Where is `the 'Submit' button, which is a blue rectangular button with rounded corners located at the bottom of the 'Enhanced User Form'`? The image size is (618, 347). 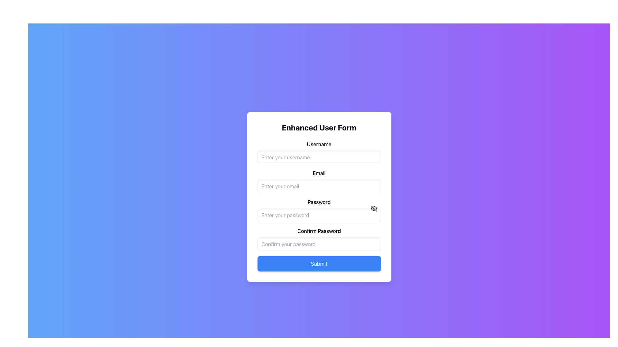 the 'Submit' button, which is a blue rectangular button with rounded corners located at the bottom of the 'Enhanced User Form' is located at coordinates (319, 264).